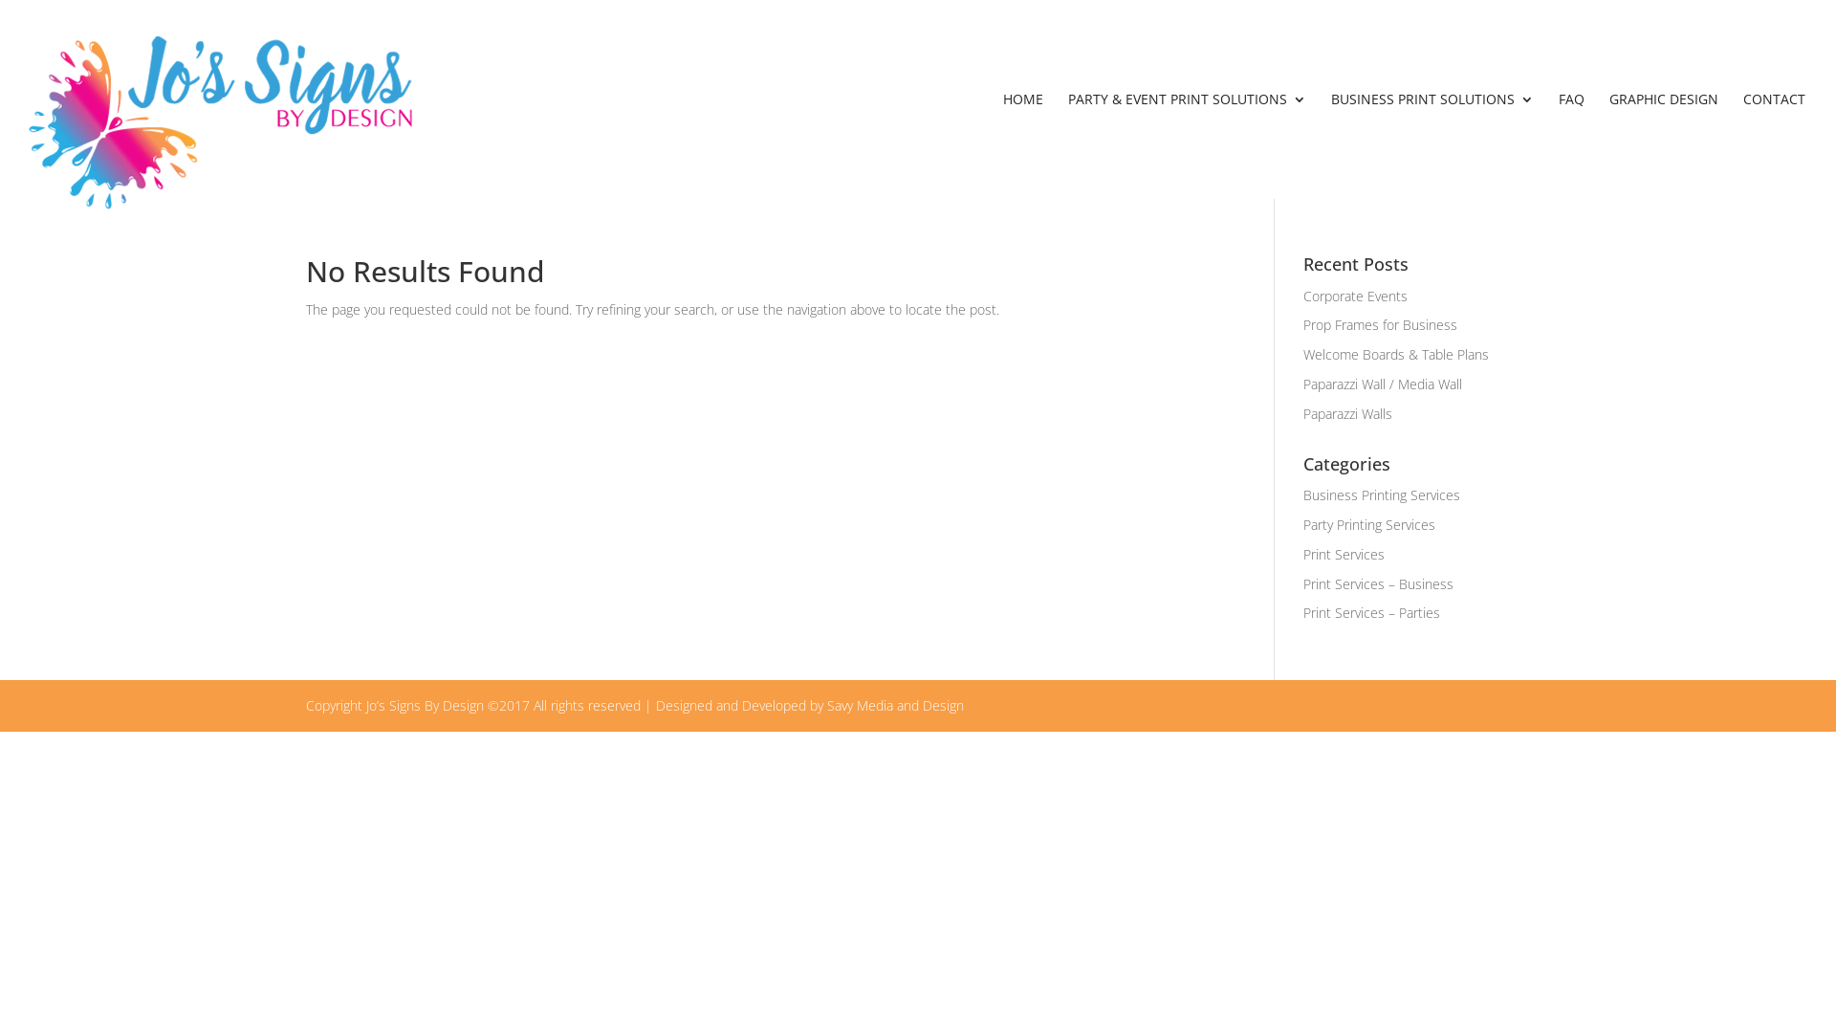  What do you see at coordinates (1773, 144) in the screenshot?
I see `'CONTACT'` at bounding box center [1773, 144].